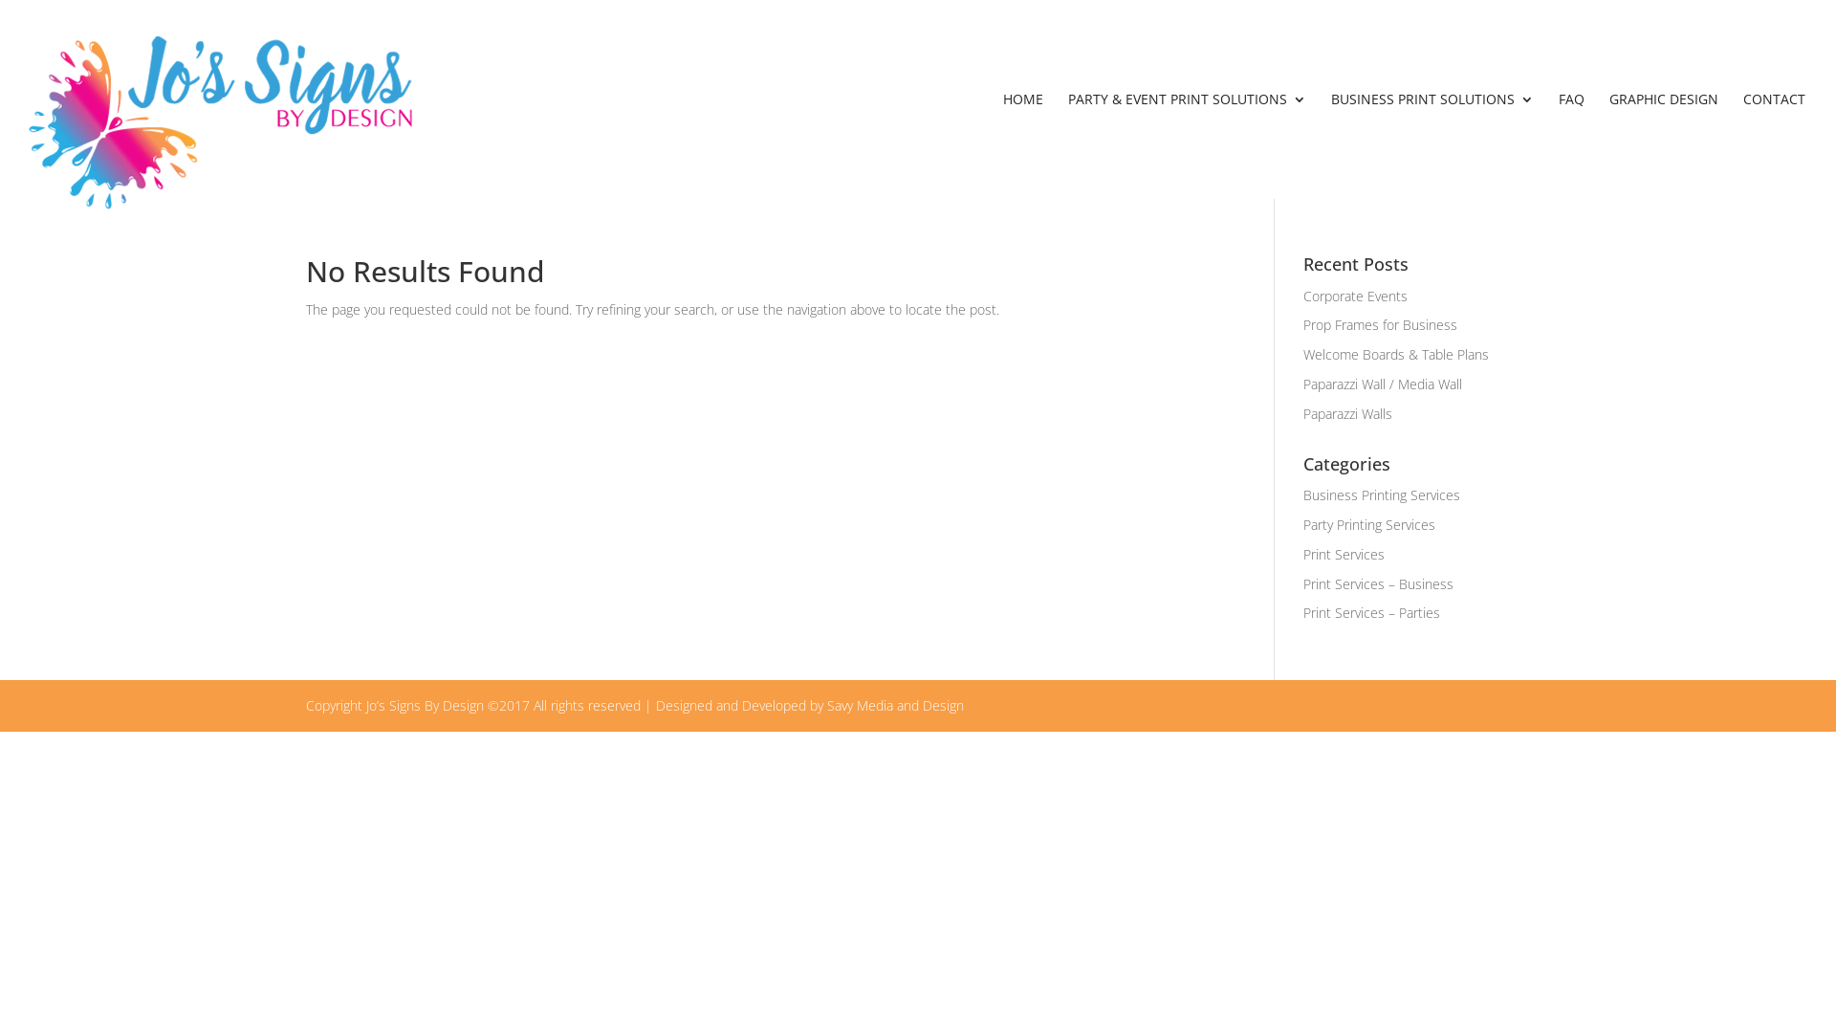  What do you see at coordinates (1773, 144) in the screenshot?
I see `'CONTACT'` at bounding box center [1773, 144].